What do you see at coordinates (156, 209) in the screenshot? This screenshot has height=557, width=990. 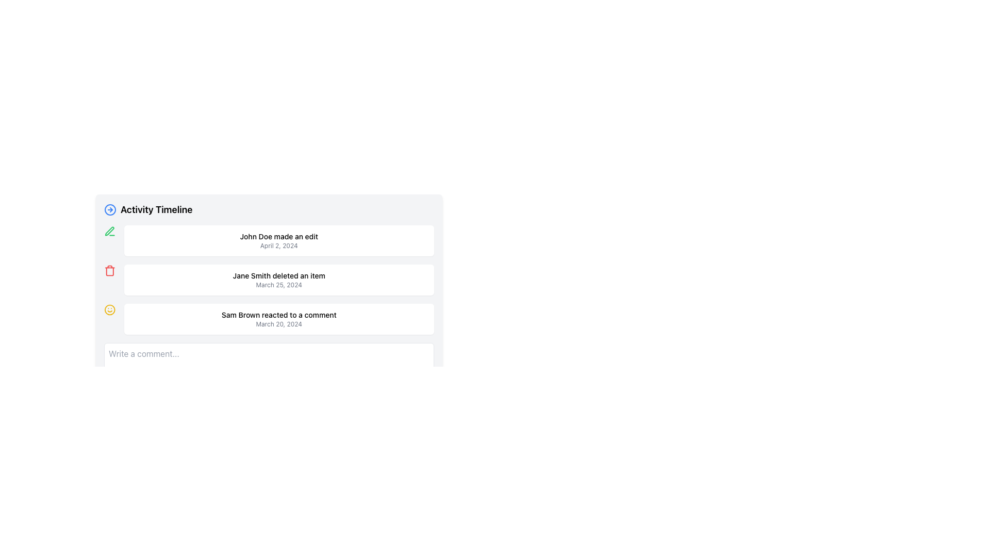 I see `the Static Text element that serves as a section title for the activity log, positioned at the top of the interface above the list of activities` at bounding box center [156, 209].